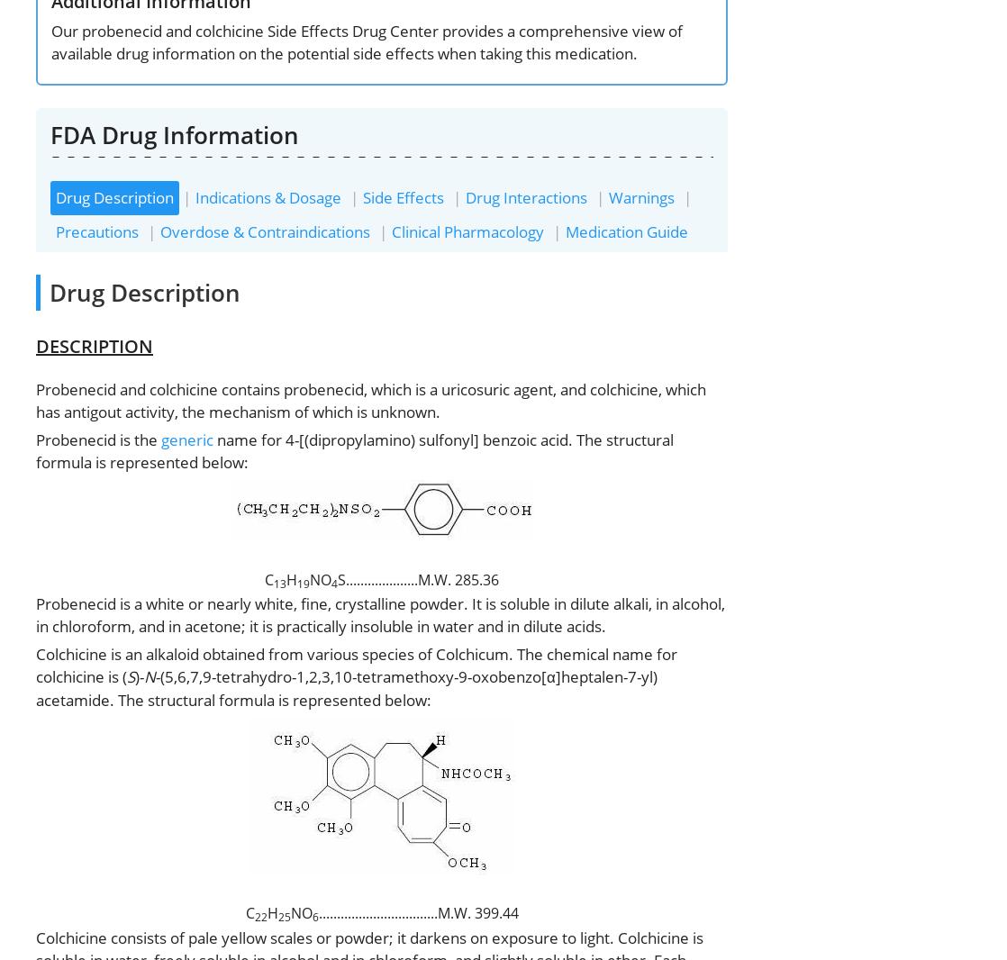  What do you see at coordinates (283, 917) in the screenshot?
I see `'25'` at bounding box center [283, 917].